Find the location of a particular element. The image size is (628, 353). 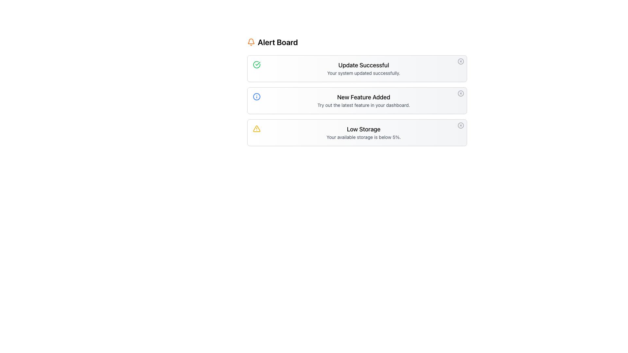

the button located at the top-right corner of the 'Update Successful' alert card is located at coordinates (461, 61).